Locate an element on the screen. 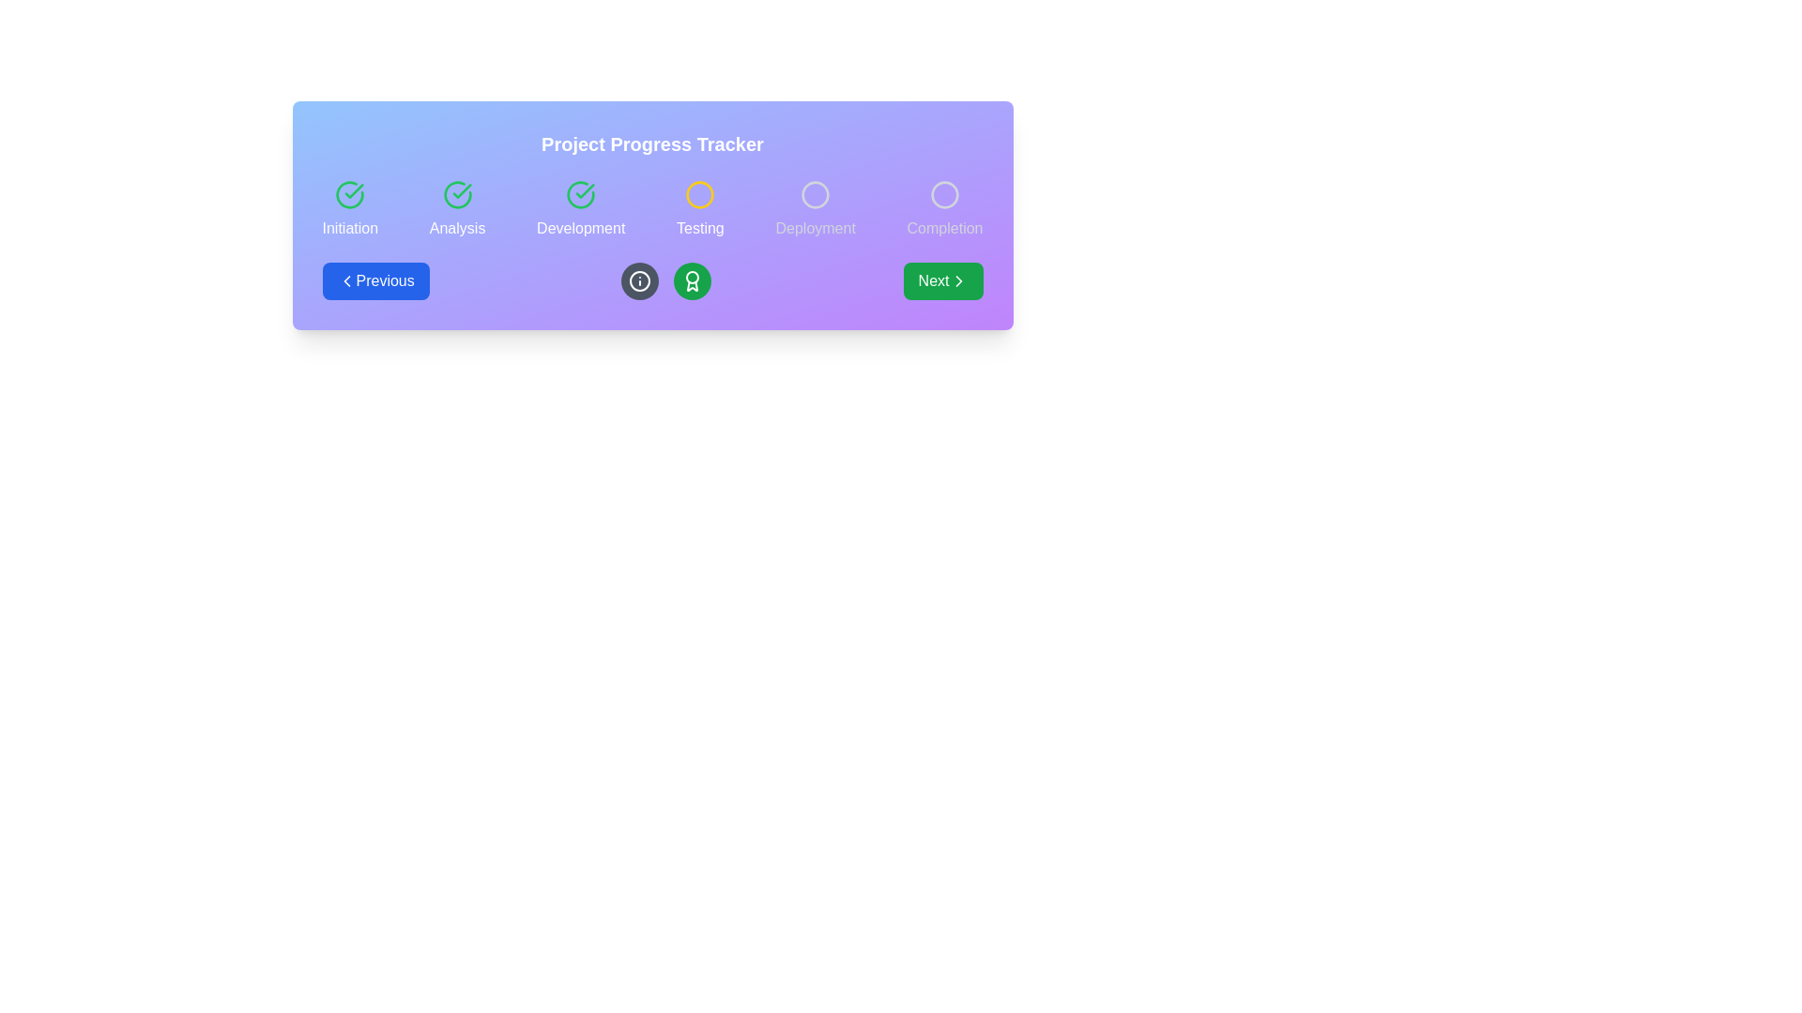 The image size is (1802, 1013). the left-facing chevron icon, which is styled as an outline and located within the 'Previous' button in the project progress tracker interface is located at coordinates (346, 281).